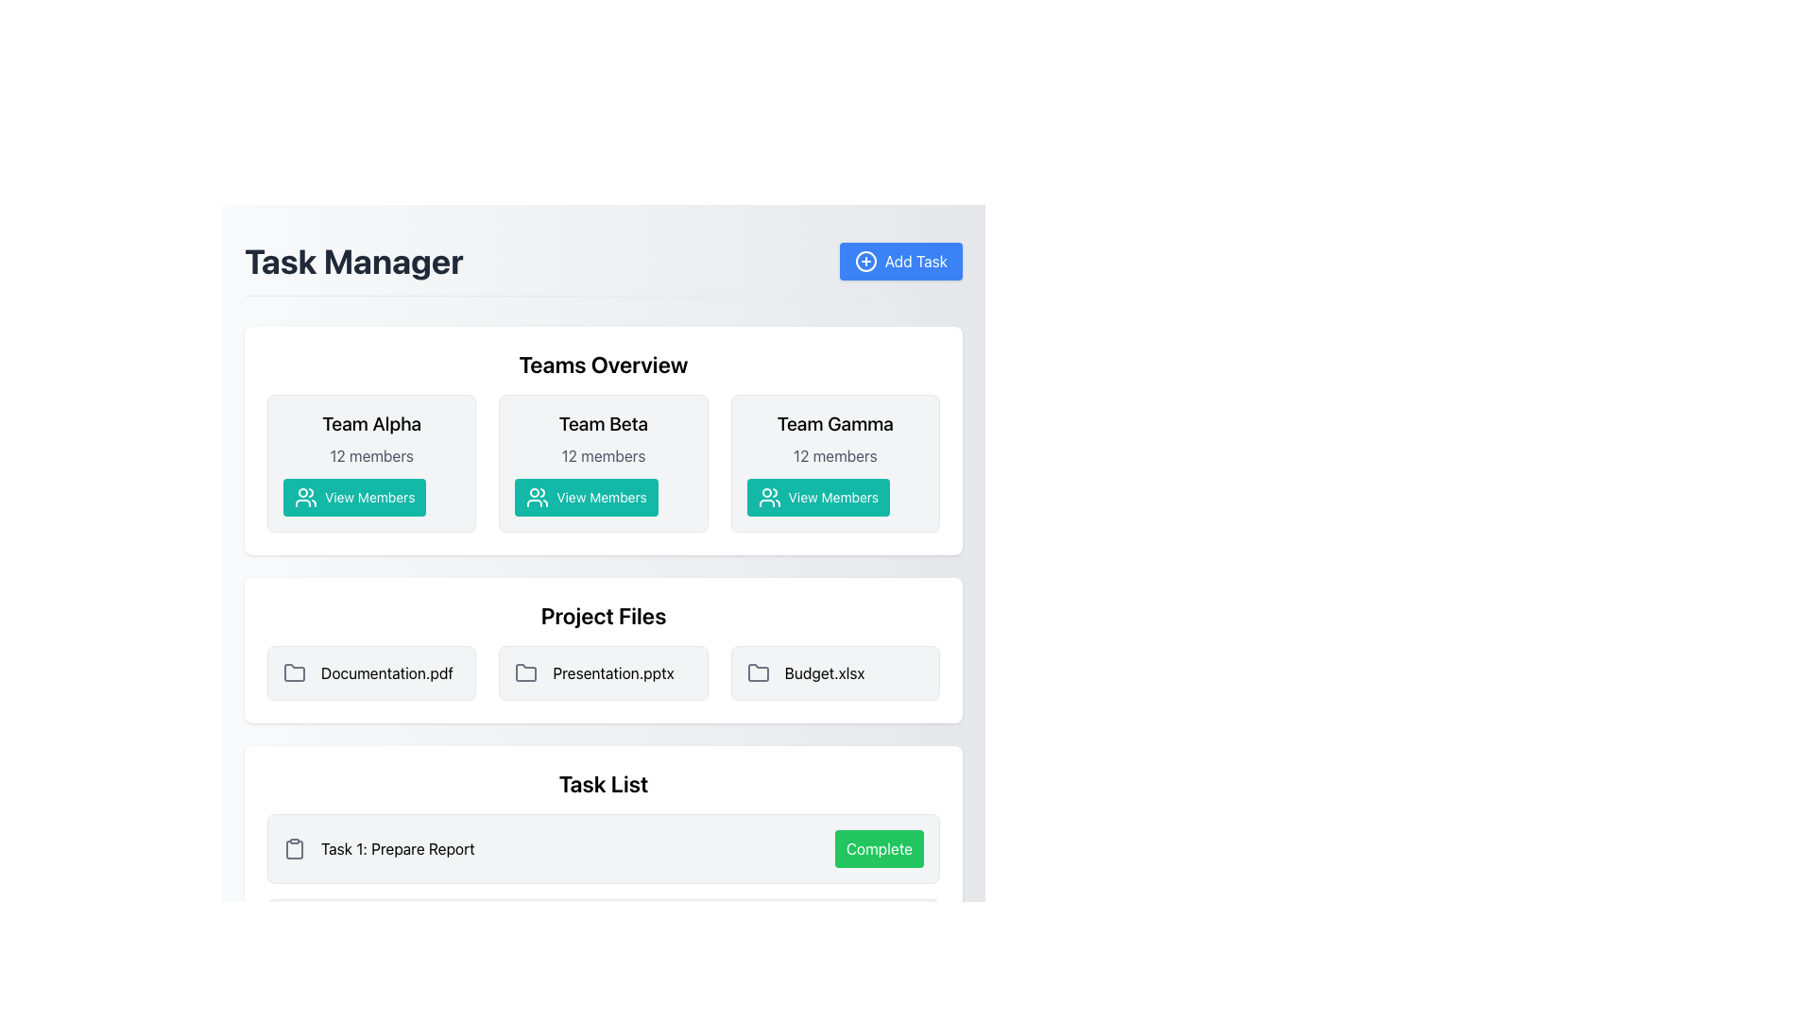 This screenshot has width=1814, height=1020. What do you see at coordinates (864, 262) in the screenshot?
I see `the circular icon at the center of the 'Add Task' button, which has a bright blue background and white text` at bounding box center [864, 262].